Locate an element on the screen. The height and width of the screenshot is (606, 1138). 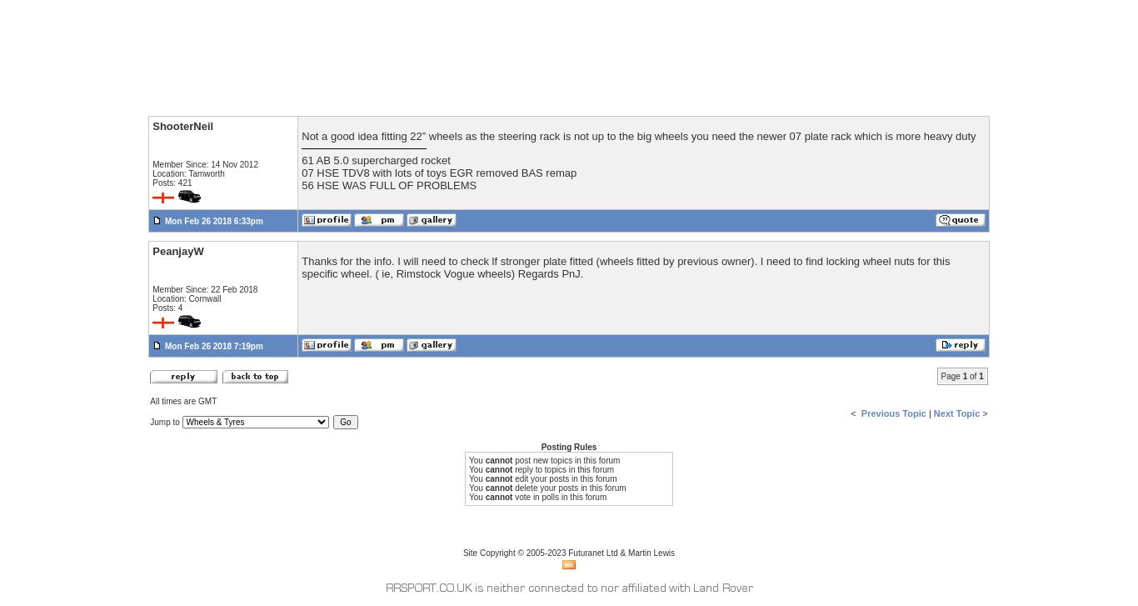
'Thanks for the info. I will need to check lf stronger plate fitted (wheels fitted by previous owner). I need to find locking wheel nuts for this specific wheel. ( ie, Rimstock Vogue wheels)  Regards PnJ.' is located at coordinates (626, 267).